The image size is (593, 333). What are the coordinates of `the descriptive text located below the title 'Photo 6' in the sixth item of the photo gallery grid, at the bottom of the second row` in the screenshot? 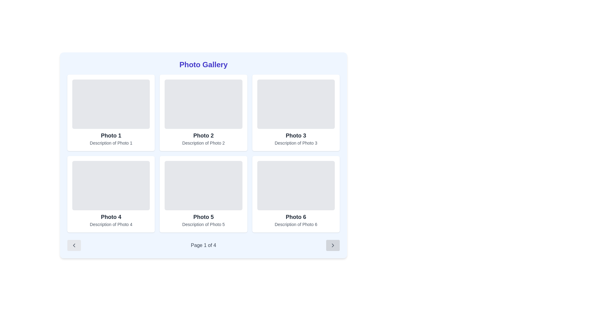 It's located at (296, 224).